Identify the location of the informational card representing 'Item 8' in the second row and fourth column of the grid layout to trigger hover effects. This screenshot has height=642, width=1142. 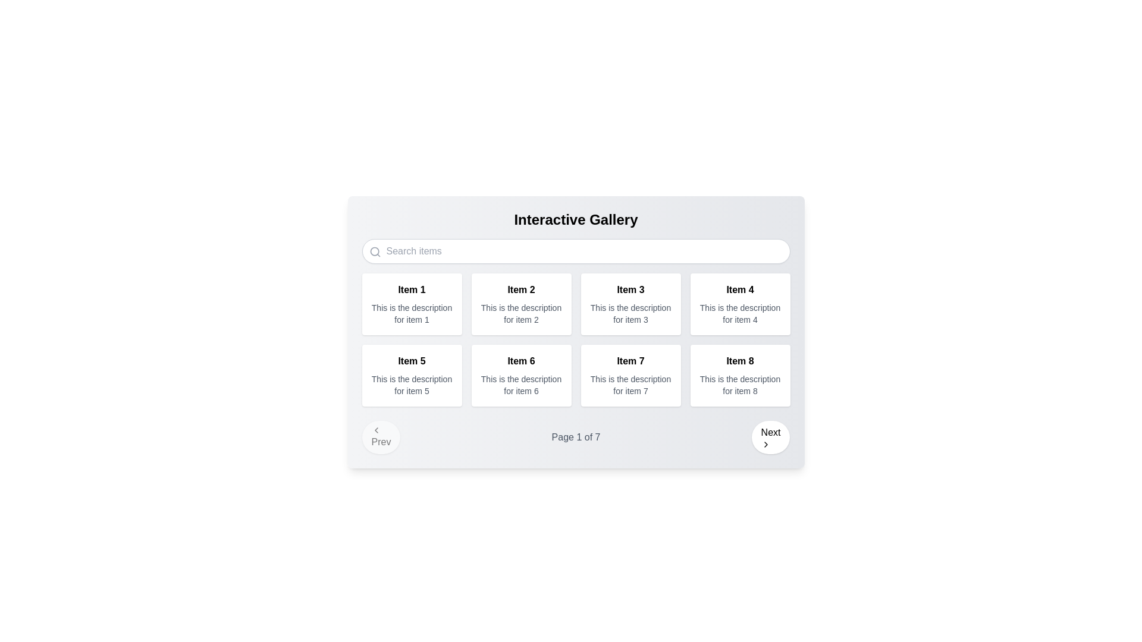
(739, 376).